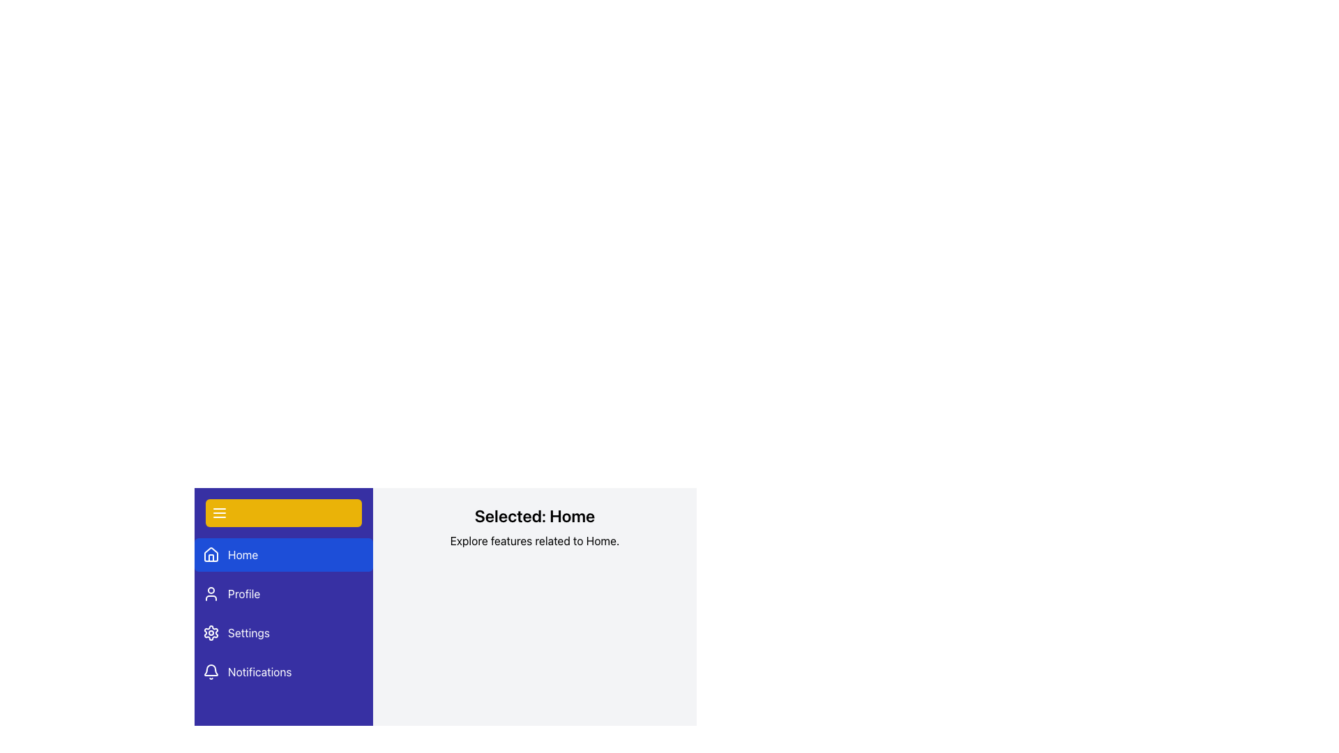  I want to click on the toggle button located at the top of the vertical sidebar menu, so click(283, 513).